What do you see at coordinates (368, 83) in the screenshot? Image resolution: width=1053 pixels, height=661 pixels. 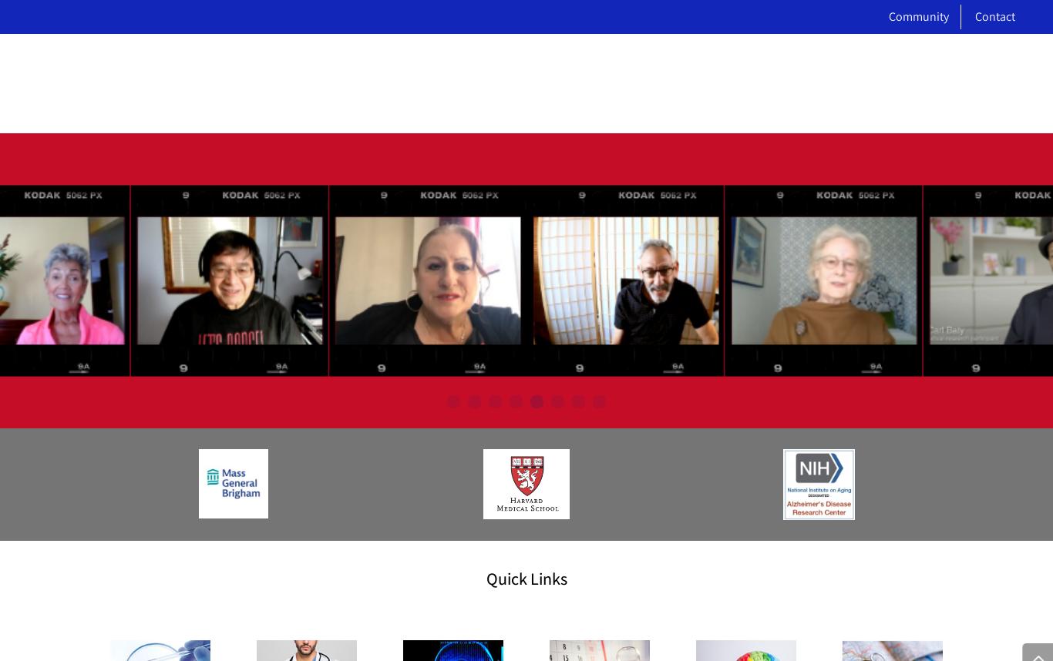 I see `'About'` at bounding box center [368, 83].